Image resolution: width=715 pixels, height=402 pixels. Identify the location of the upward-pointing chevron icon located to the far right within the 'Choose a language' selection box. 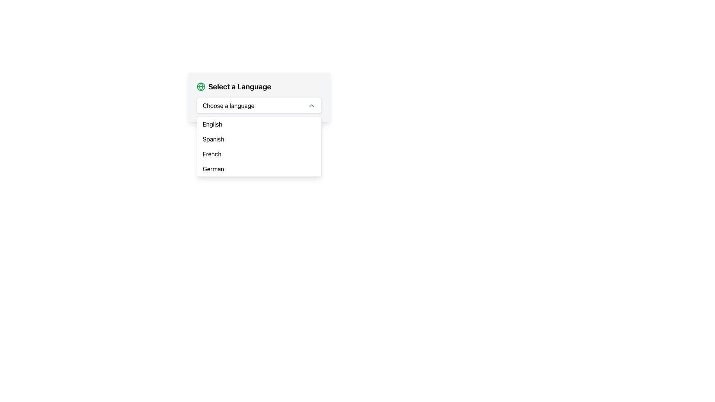
(311, 106).